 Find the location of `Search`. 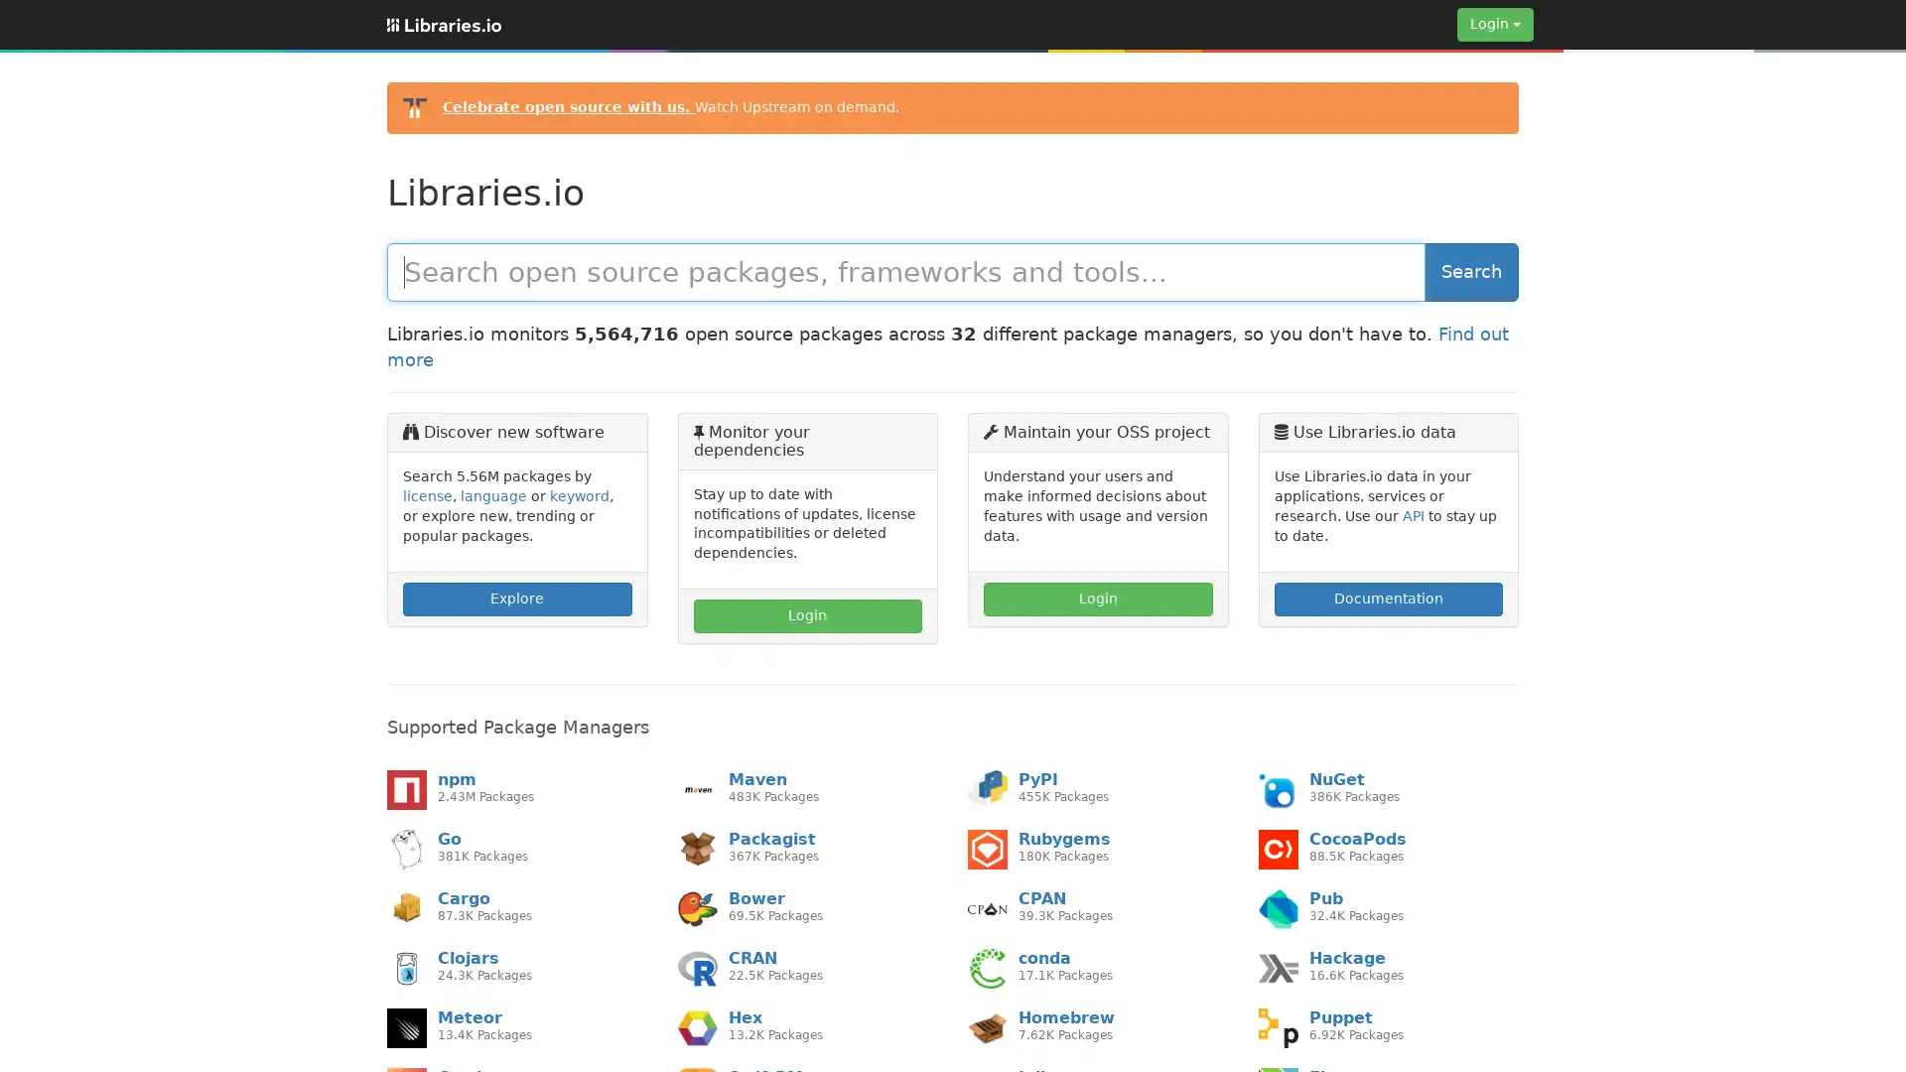

Search is located at coordinates (1471, 271).